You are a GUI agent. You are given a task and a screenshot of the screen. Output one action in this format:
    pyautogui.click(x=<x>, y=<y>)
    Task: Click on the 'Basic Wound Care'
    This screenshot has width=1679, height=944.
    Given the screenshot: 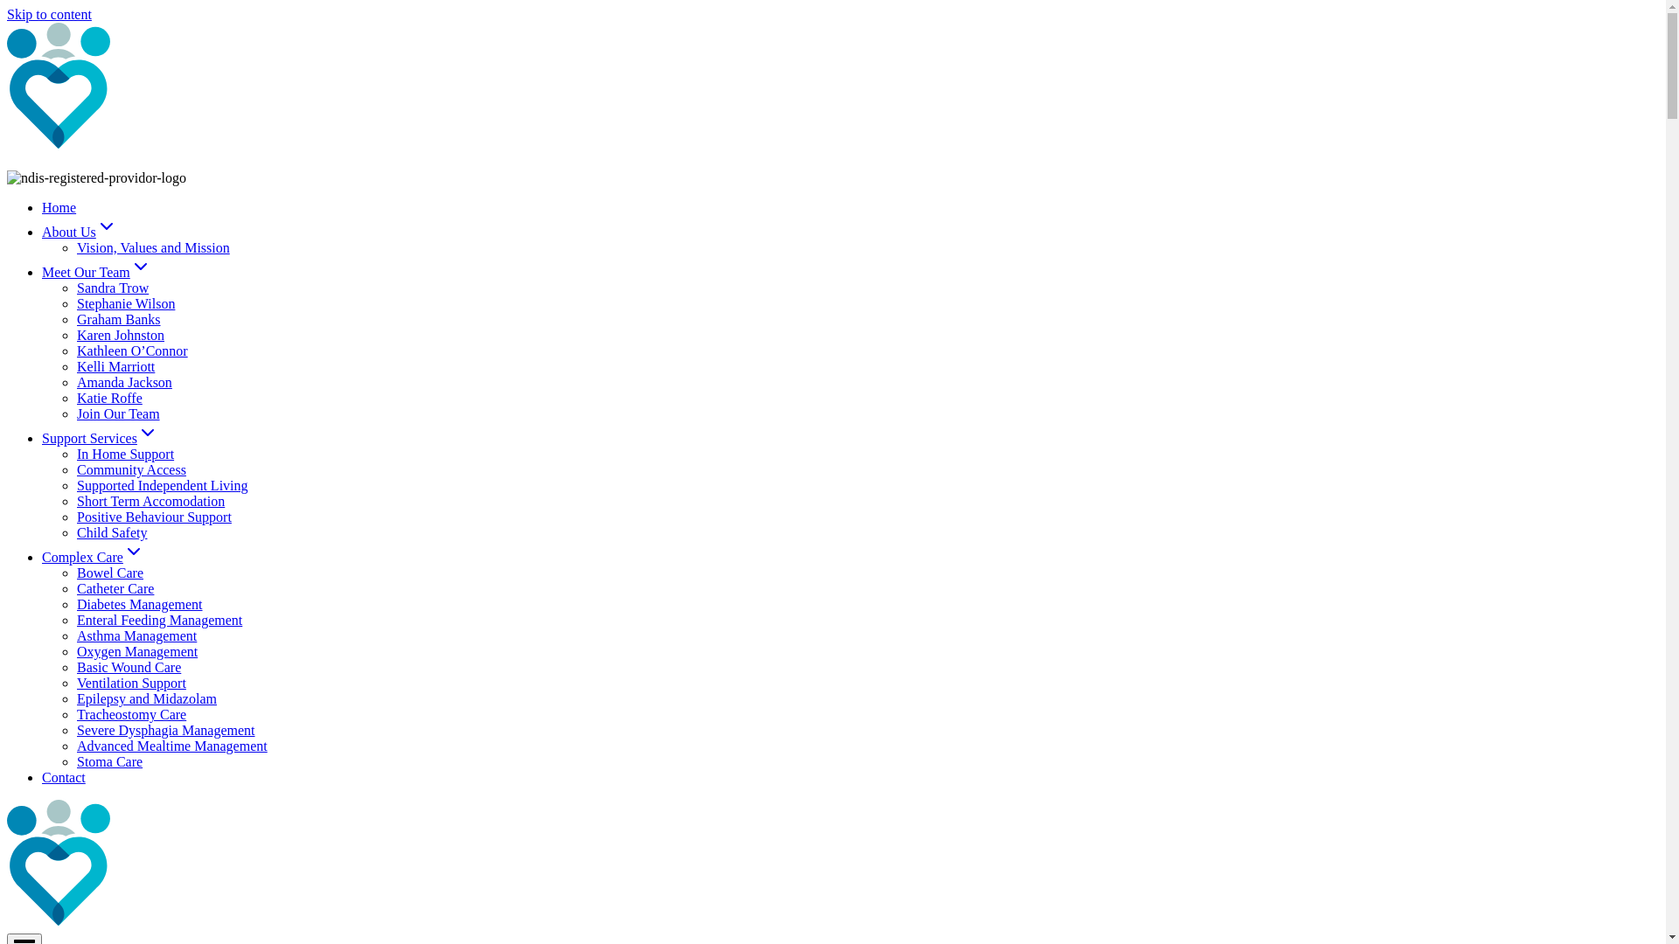 What is the action you would take?
    pyautogui.click(x=75, y=667)
    